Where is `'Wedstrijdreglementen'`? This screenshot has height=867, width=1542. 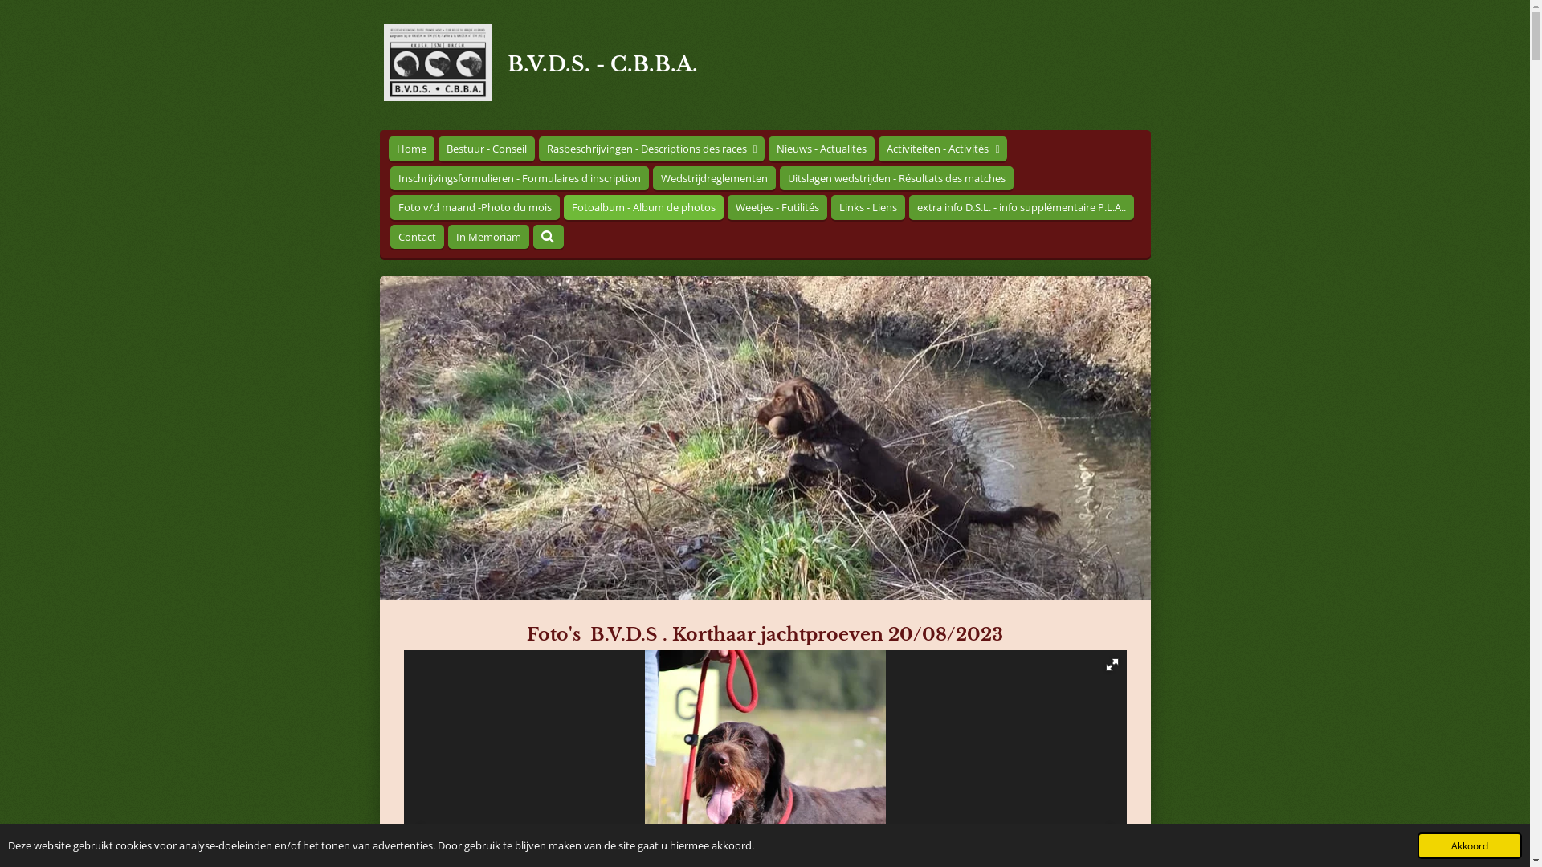
'Wedstrijdreglementen' is located at coordinates (712, 178).